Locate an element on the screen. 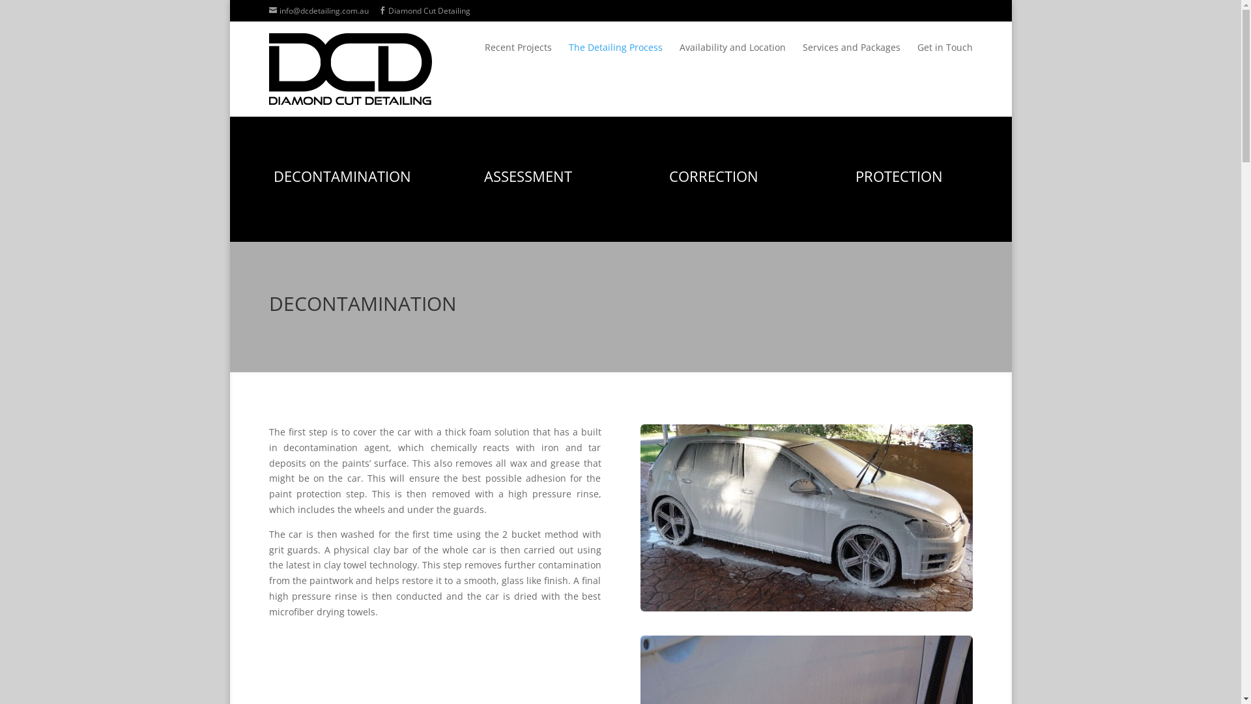 Image resolution: width=1251 pixels, height=704 pixels. 'ASSESSMENT' is located at coordinates (527, 176).